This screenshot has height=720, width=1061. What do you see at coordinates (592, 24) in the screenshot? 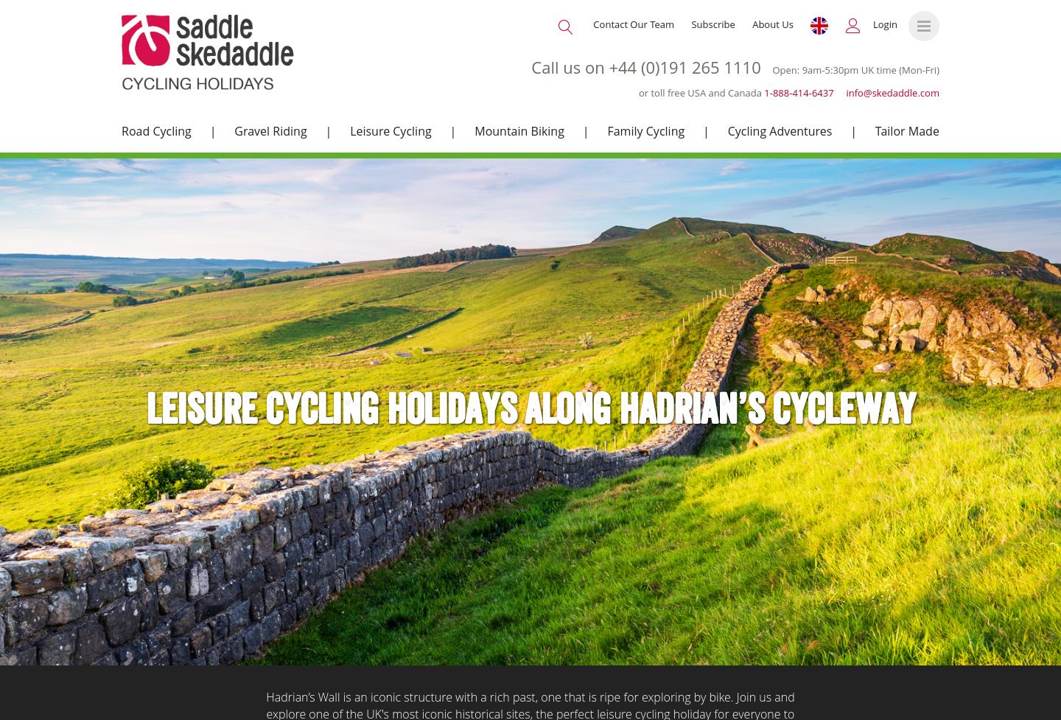
I see `'Contact Our Team'` at bounding box center [592, 24].